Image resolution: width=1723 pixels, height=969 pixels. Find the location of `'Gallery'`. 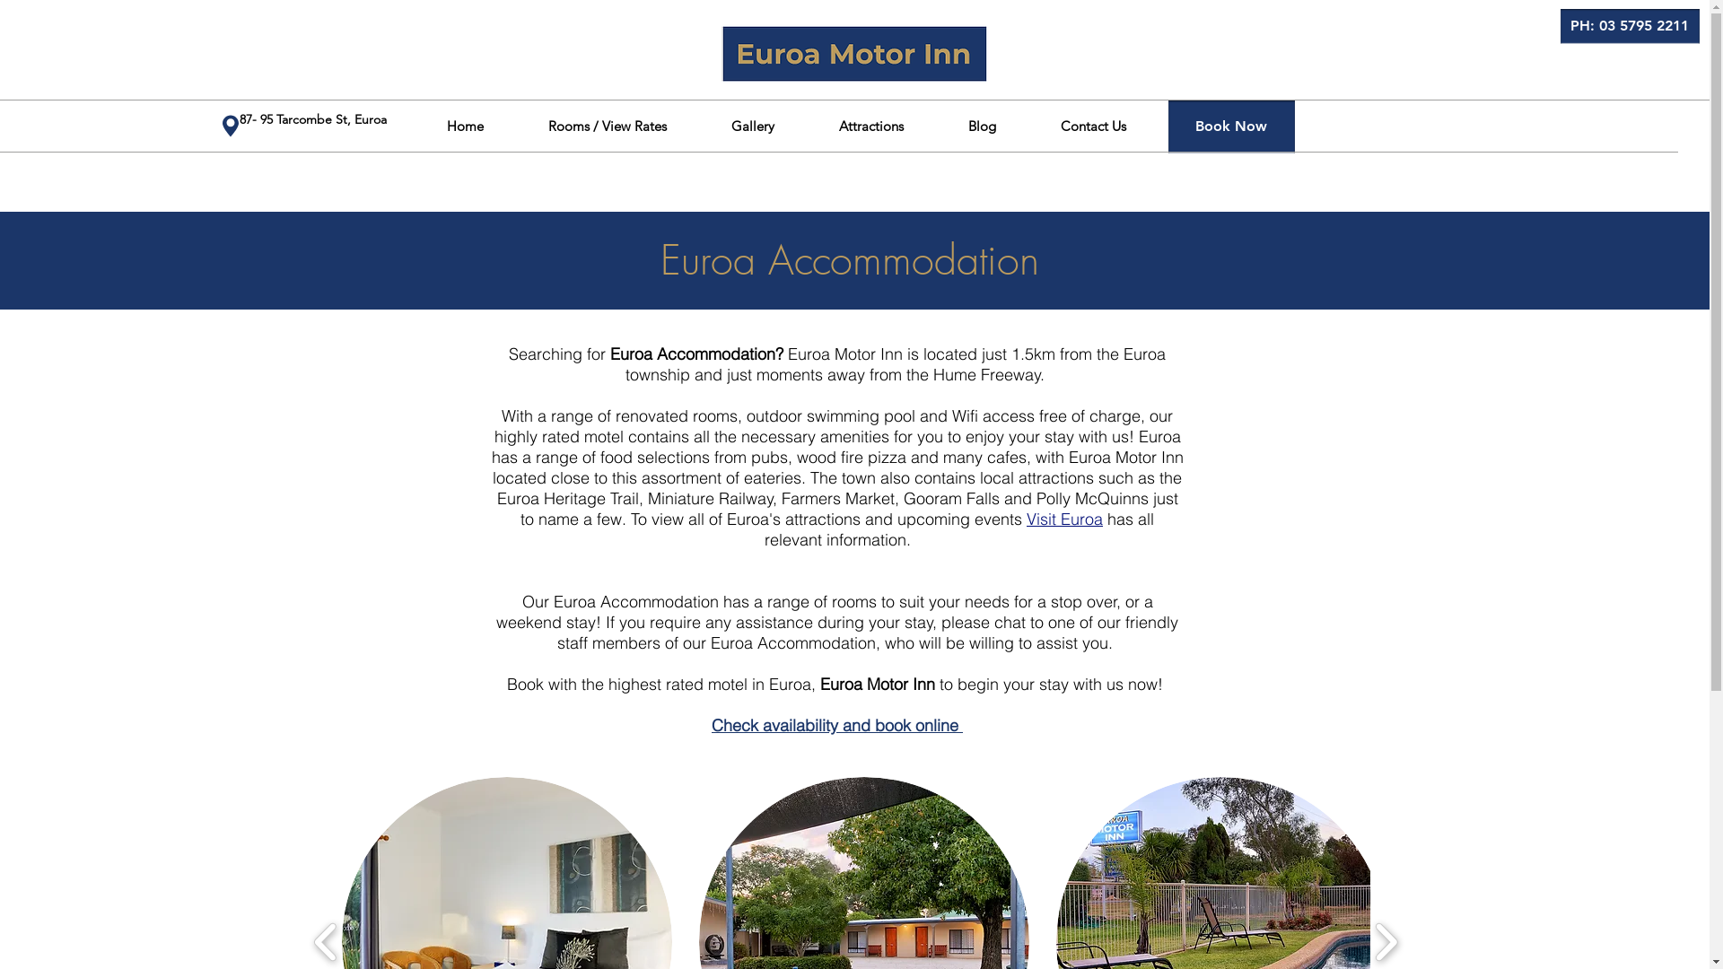

'Gallery' is located at coordinates (752, 125).